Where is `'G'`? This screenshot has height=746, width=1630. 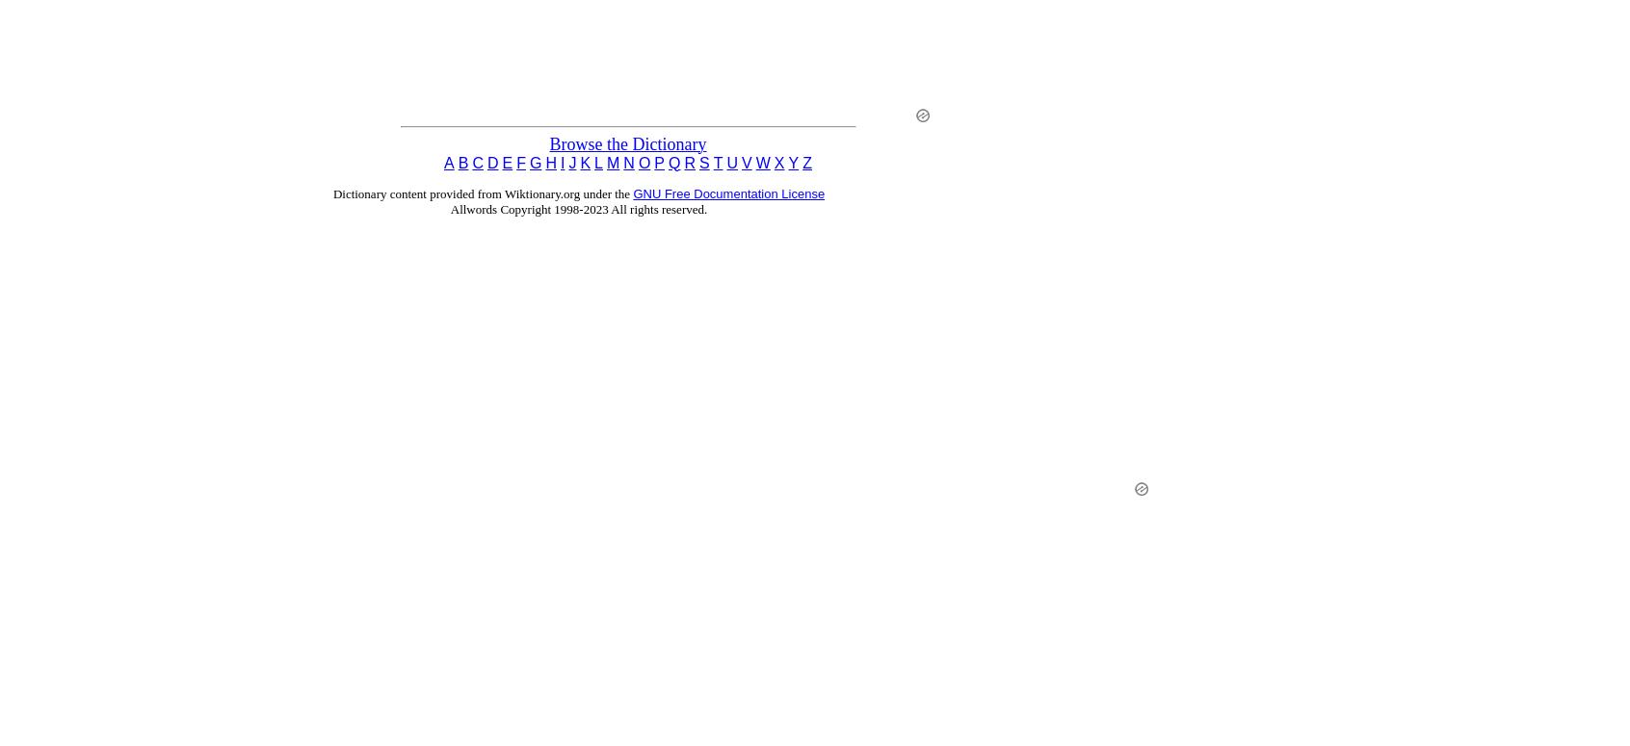
'G' is located at coordinates (535, 161).